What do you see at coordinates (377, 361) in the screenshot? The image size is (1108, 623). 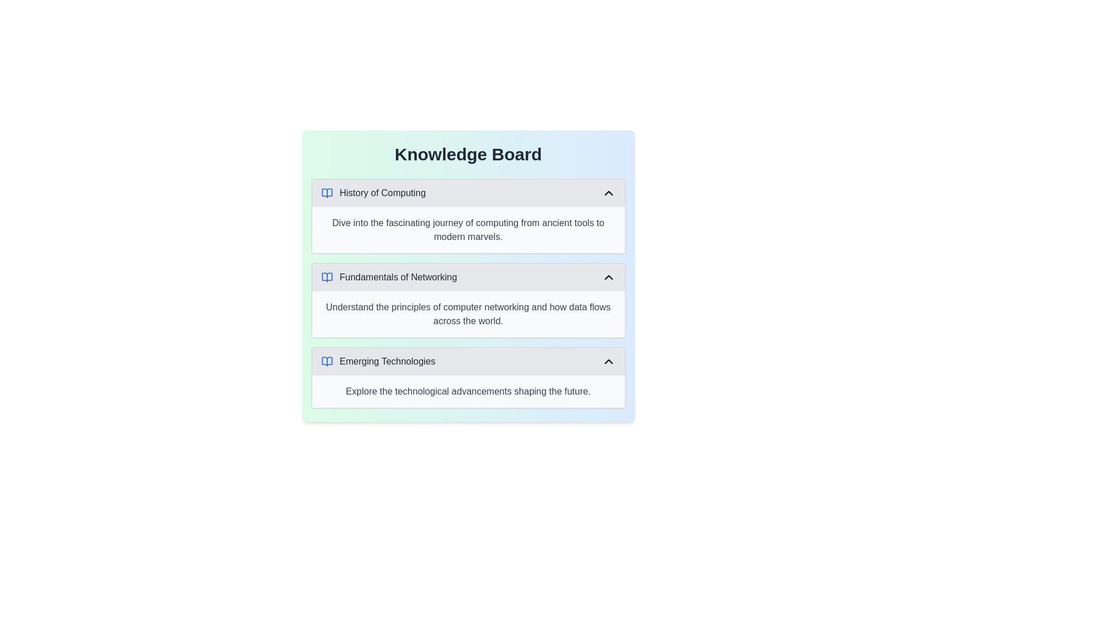 I see `the 'Emerging Technologies' label with icon located in the Knowledge Board interface, which is the third section beneath 'Fundamentals of Networking'` at bounding box center [377, 361].